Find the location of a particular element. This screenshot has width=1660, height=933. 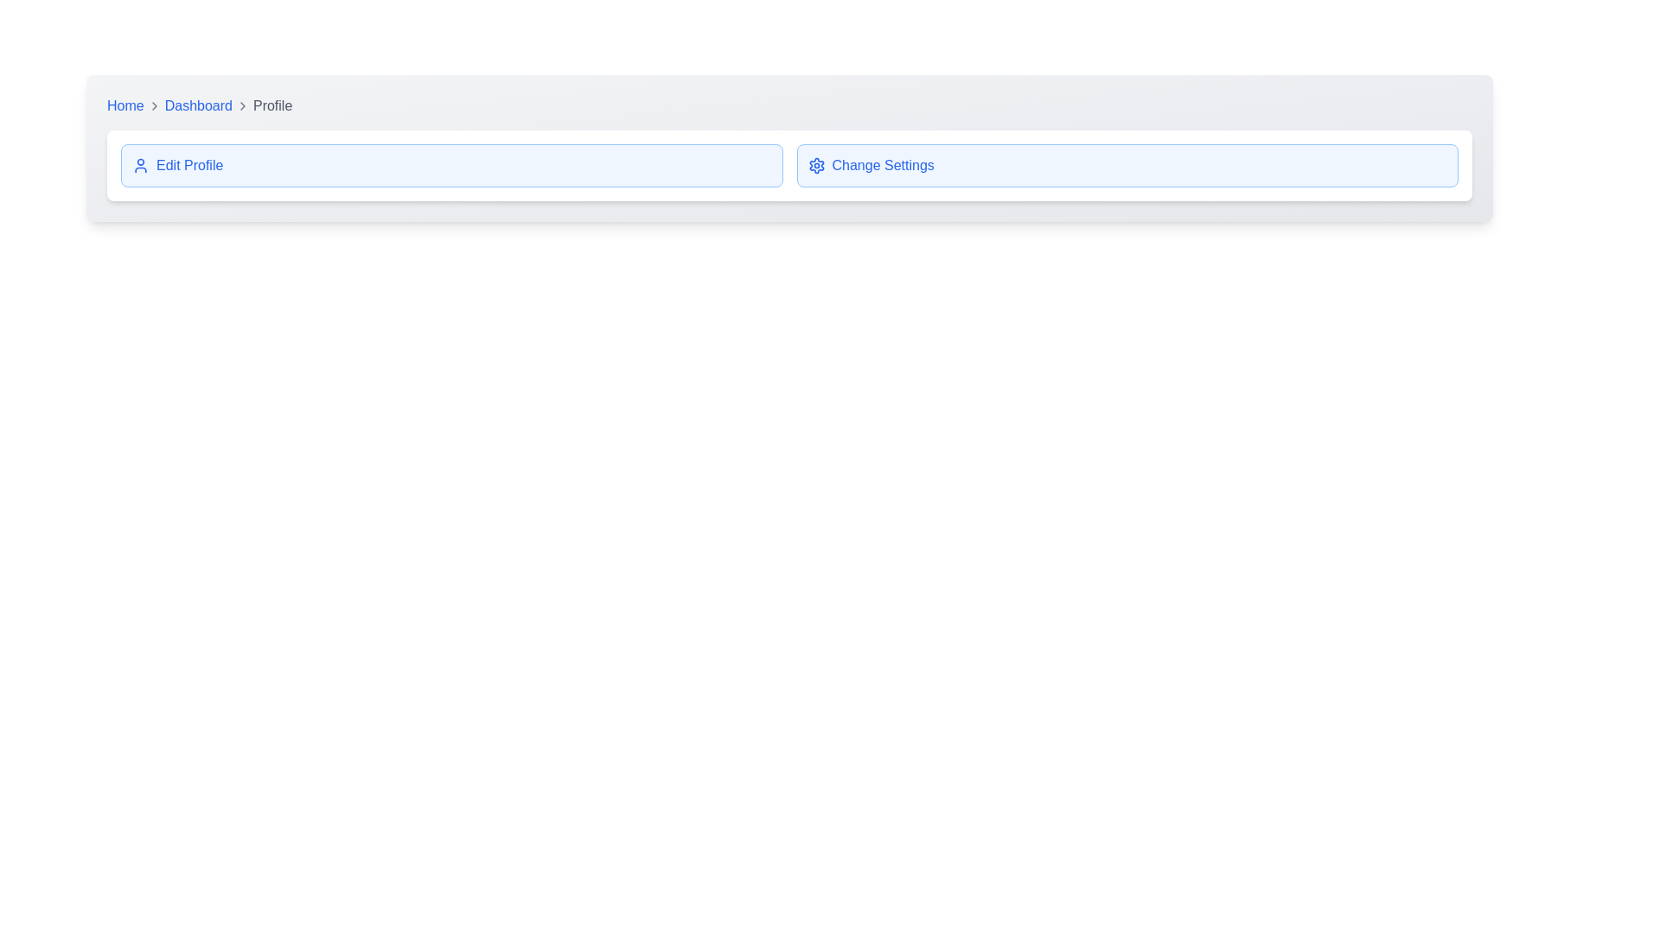

the 'Home' hyperlink, which is styled in blue and underlined on hover is located at coordinates (124, 106).